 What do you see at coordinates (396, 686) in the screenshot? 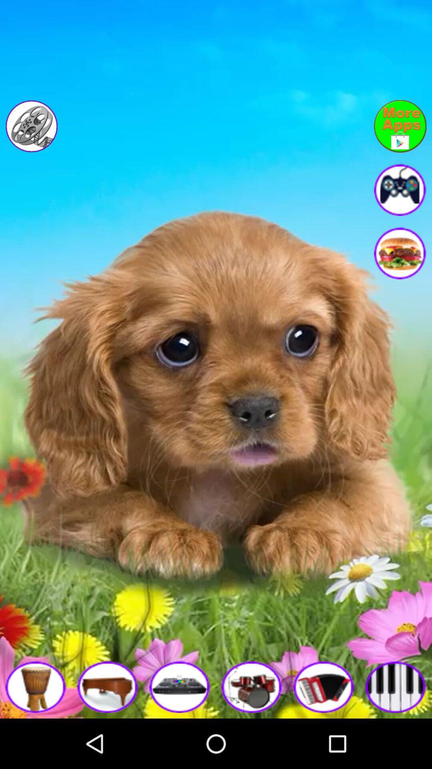
I see `piano` at bounding box center [396, 686].